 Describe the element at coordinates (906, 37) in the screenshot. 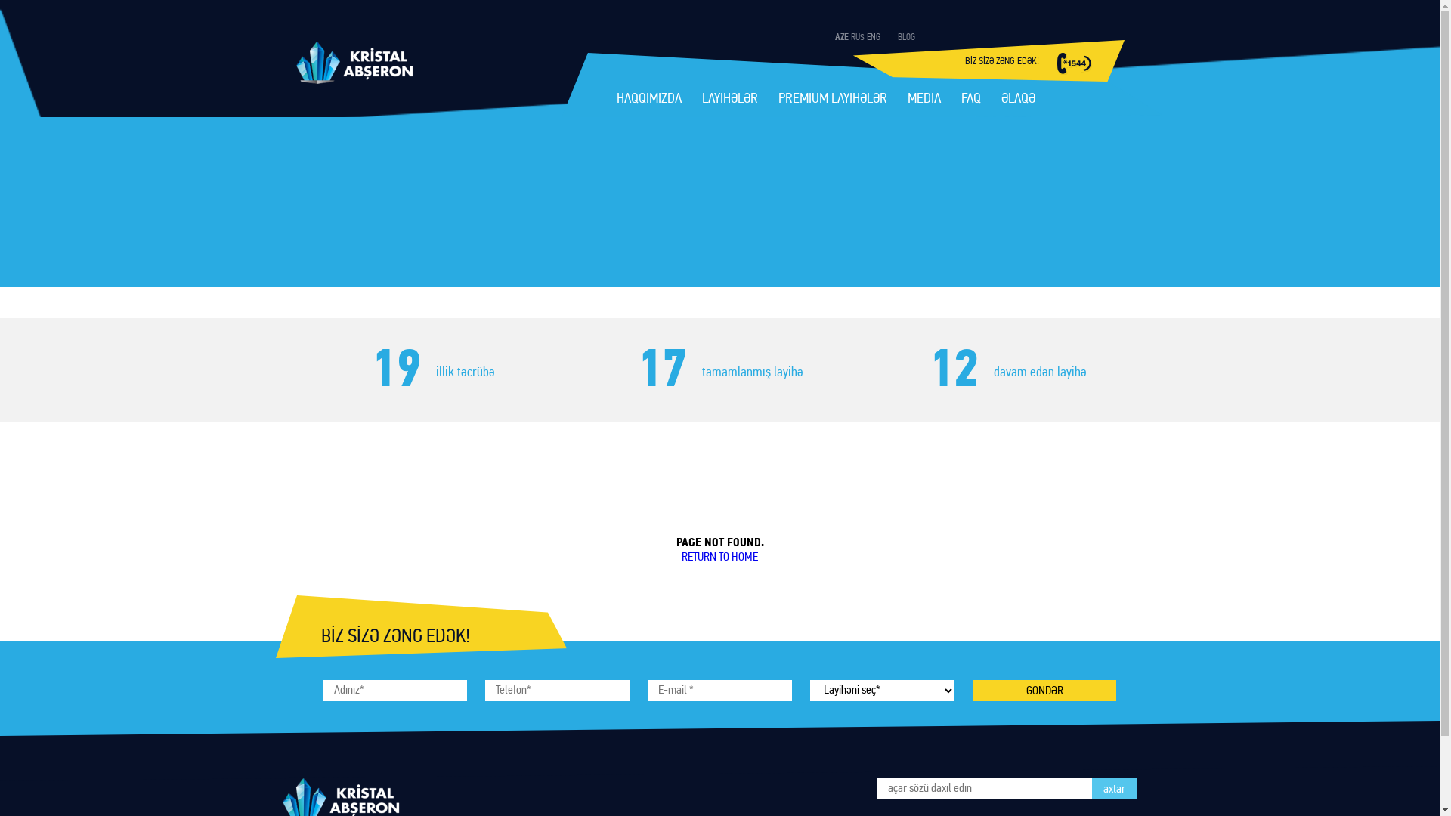

I see `'BLOG'` at that location.